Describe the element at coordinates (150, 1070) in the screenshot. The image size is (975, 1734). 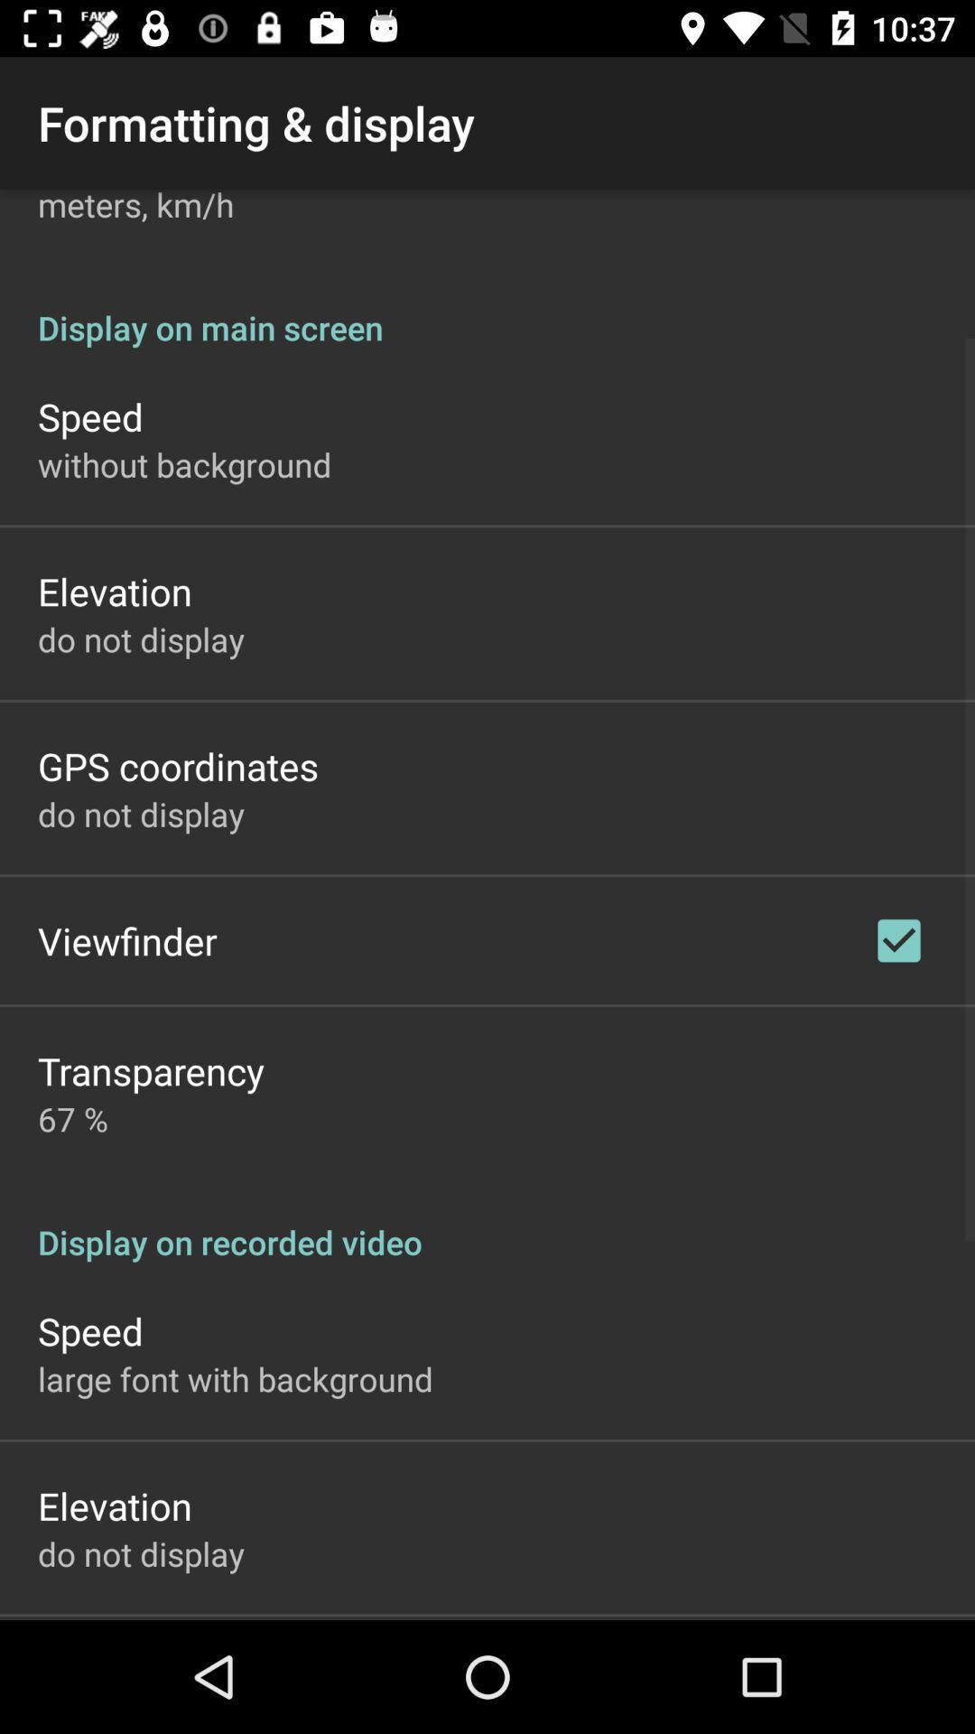
I see `icon below viewfinder item` at that location.